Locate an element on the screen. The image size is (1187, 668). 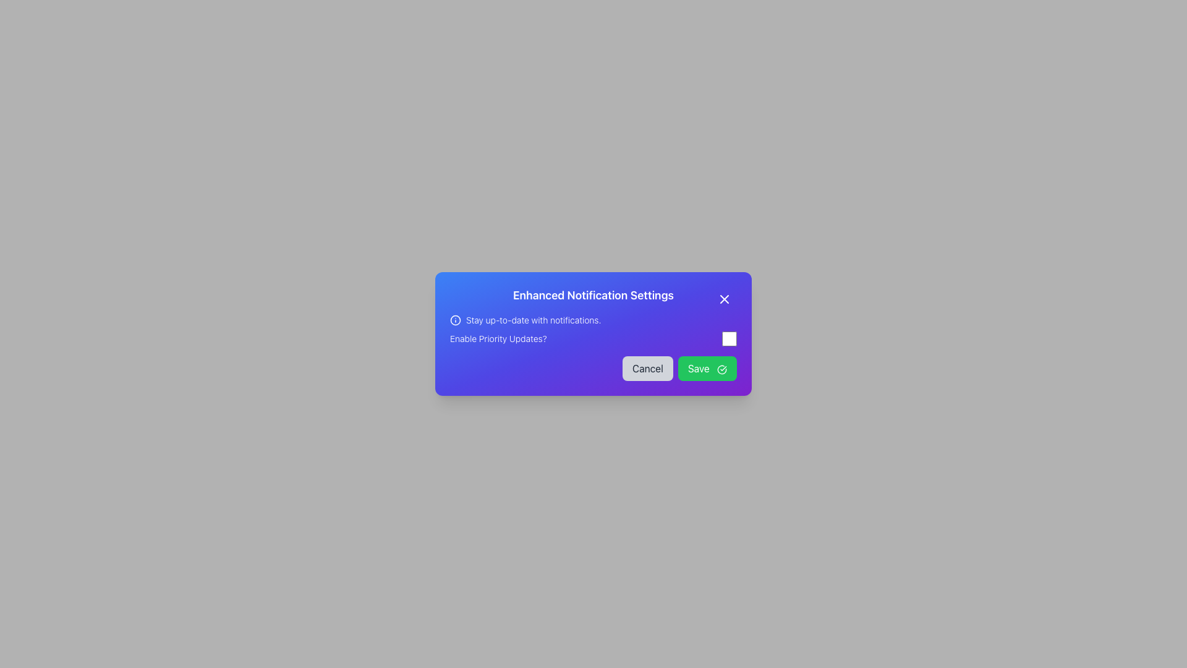
the static text element reading 'Enhanced Notification Settings' which is bold and large, located at the top center of a dialog box with a gradient blue-to-purple background is located at coordinates (593, 296).